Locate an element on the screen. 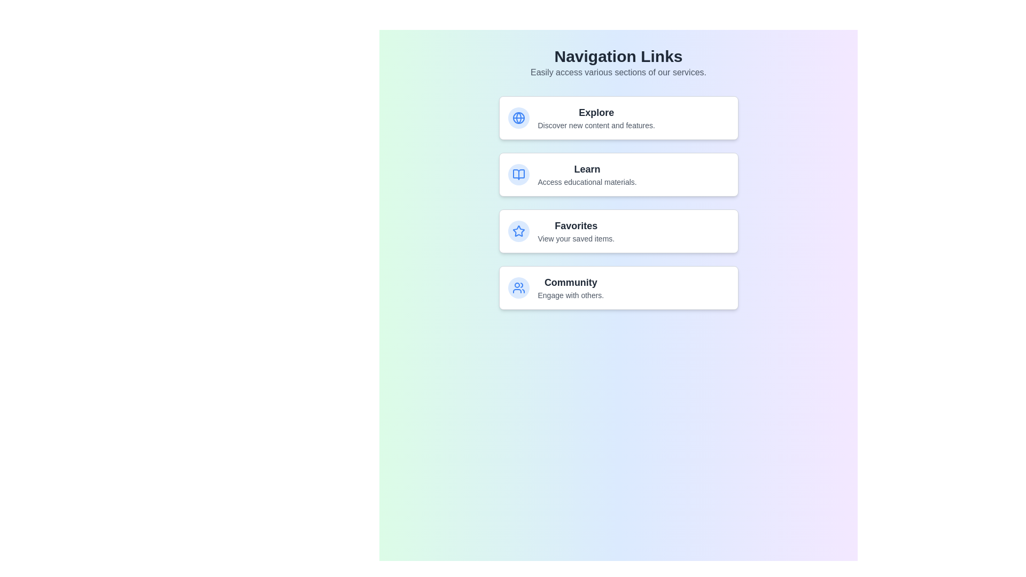  the text content element that has the title 'Explore' and a description stating 'Discover new content and features.' is located at coordinates (596, 118).